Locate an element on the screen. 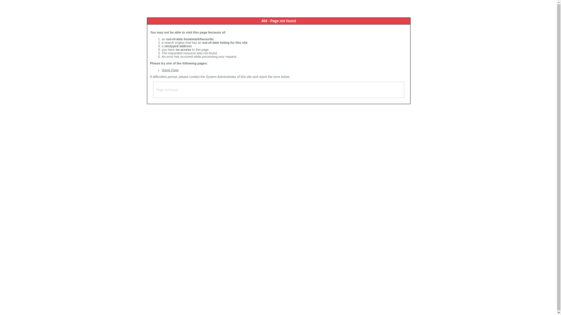 The height and width of the screenshot is (315, 561). 'Home Page' is located at coordinates (162, 69).